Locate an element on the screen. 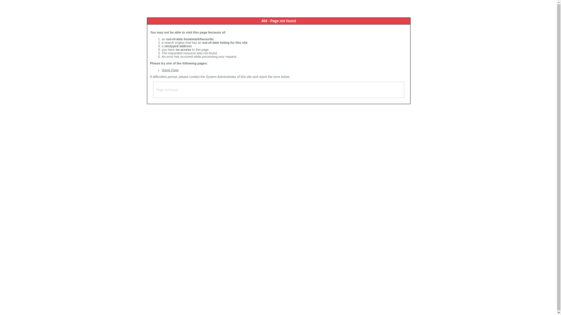 The height and width of the screenshot is (315, 561). 'Home Page' is located at coordinates (162, 69).